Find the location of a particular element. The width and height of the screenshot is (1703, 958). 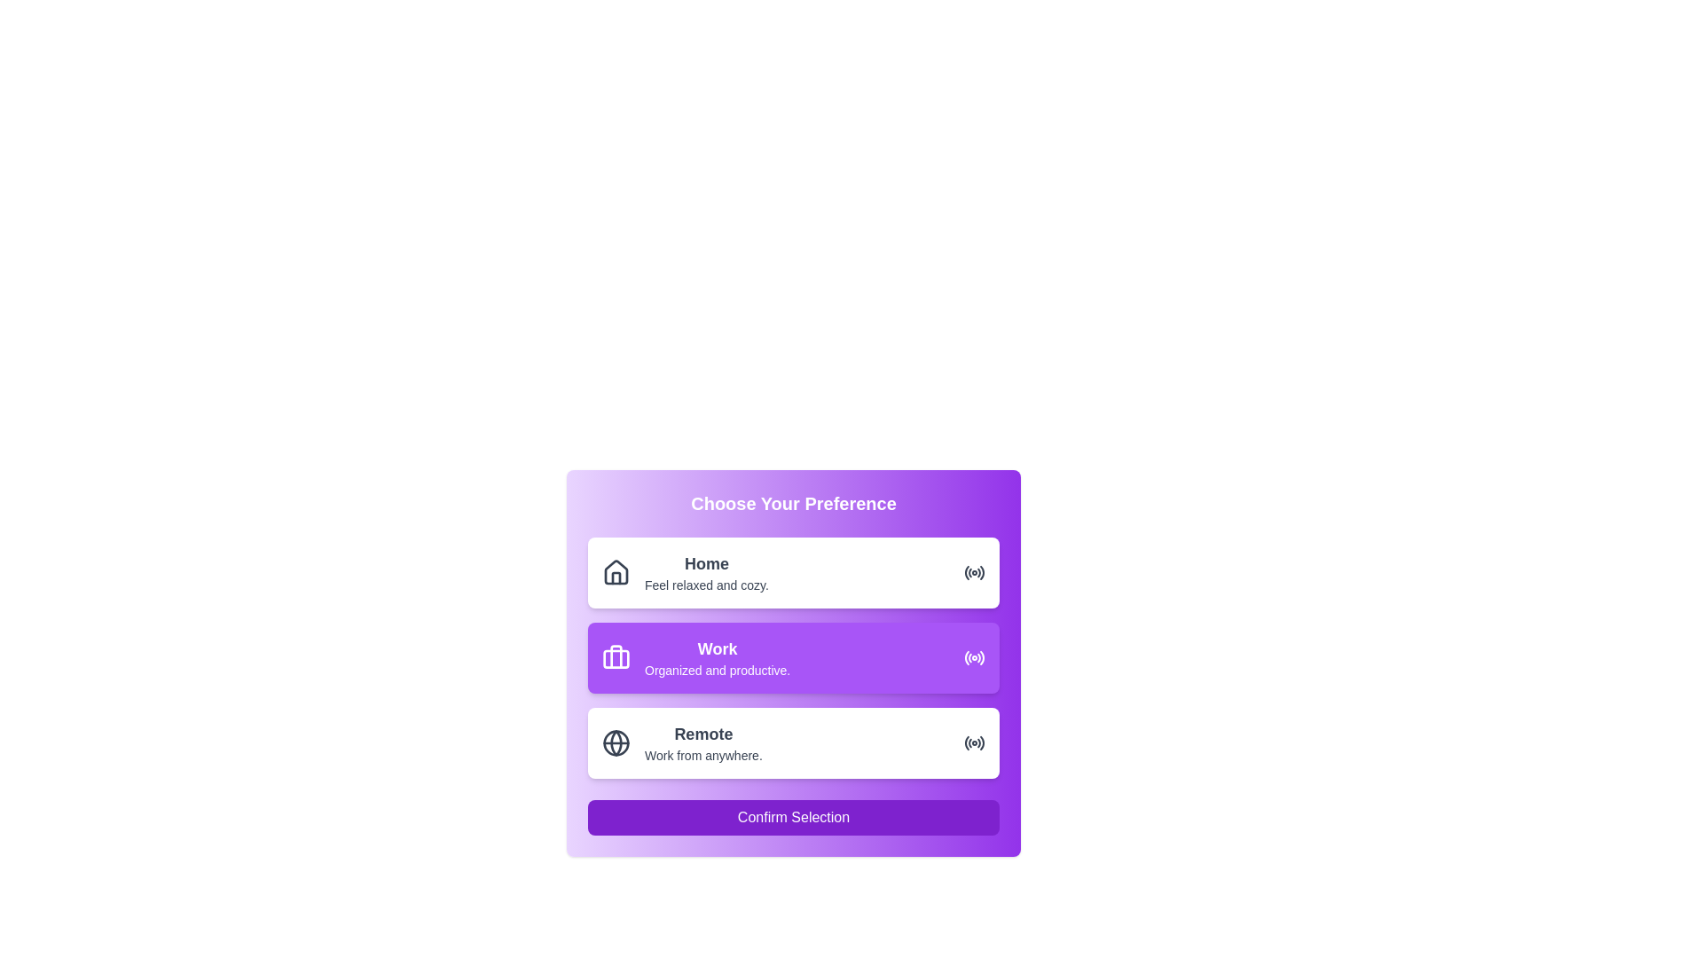

the interactive selection card labeled 'Work' is located at coordinates (792, 657).